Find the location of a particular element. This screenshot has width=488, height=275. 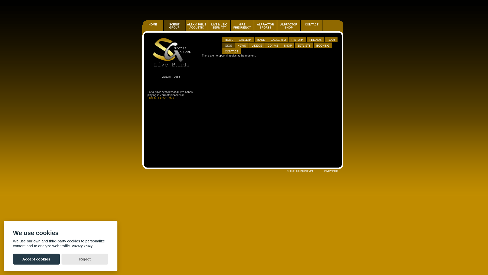

'GALLERY 2' is located at coordinates (278, 39).